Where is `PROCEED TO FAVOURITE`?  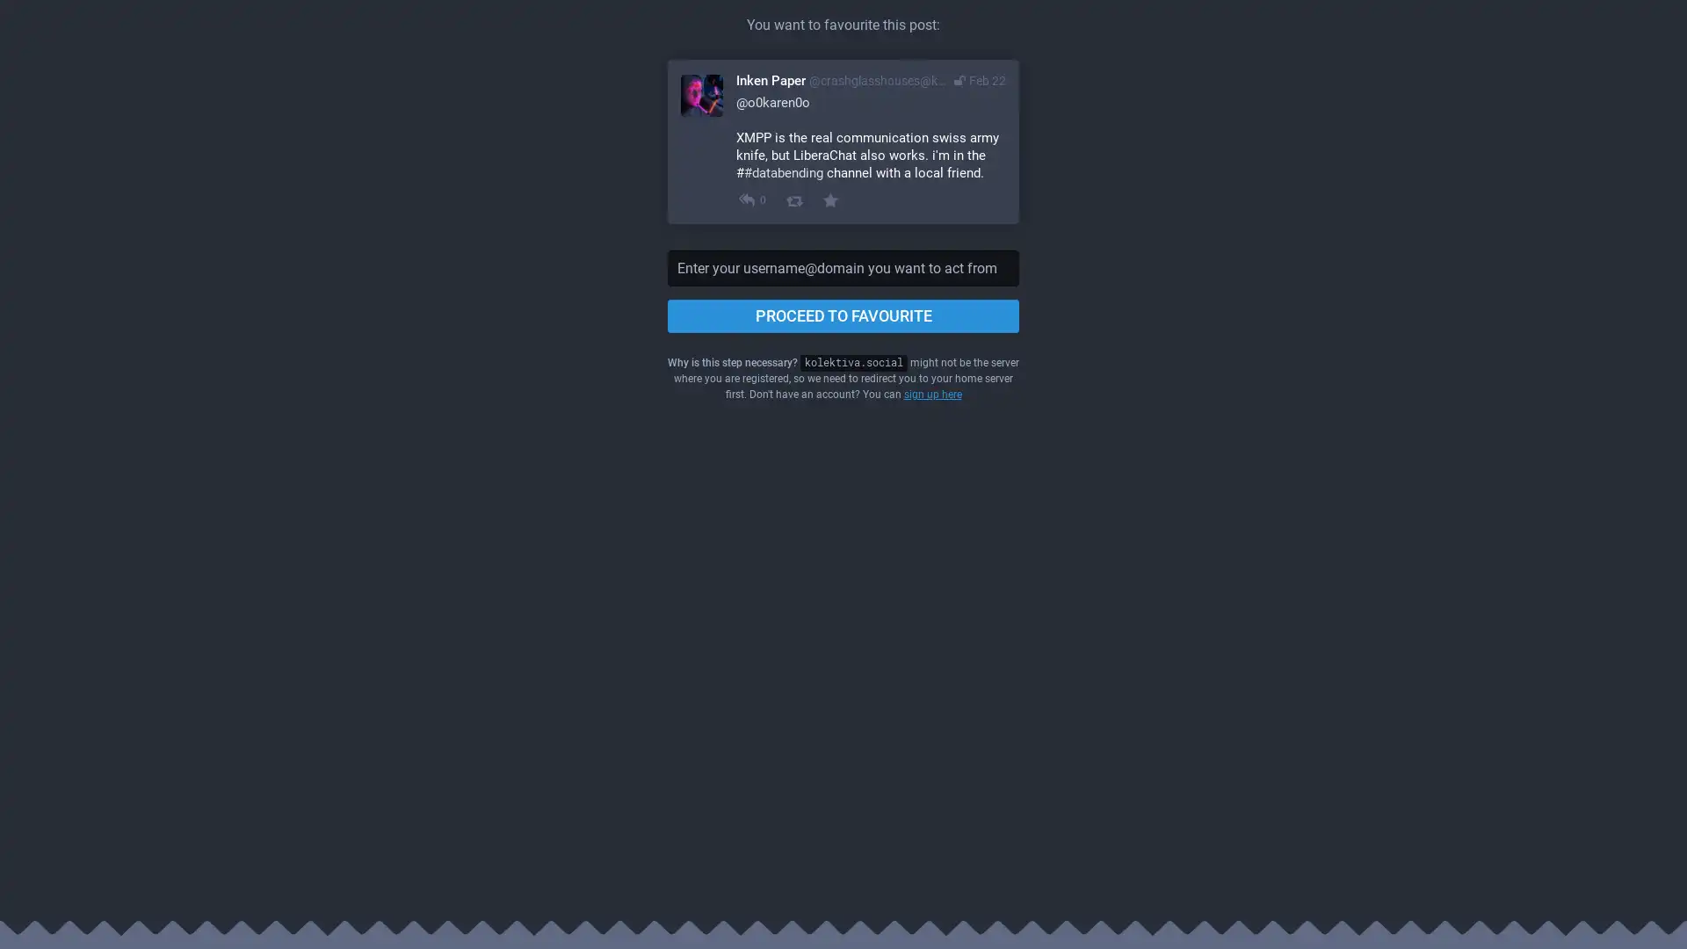 PROCEED TO FAVOURITE is located at coordinates (843, 315).